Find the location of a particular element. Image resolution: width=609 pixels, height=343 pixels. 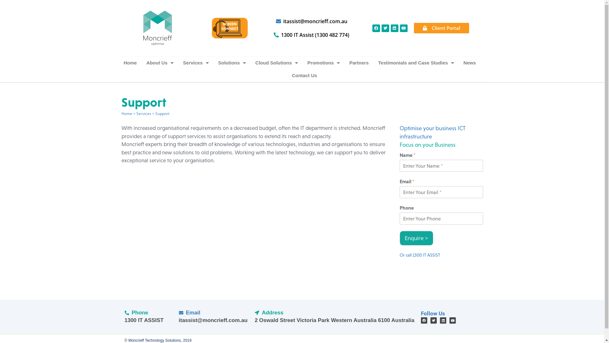

'1300 IT ASSIST' is located at coordinates (148, 320).